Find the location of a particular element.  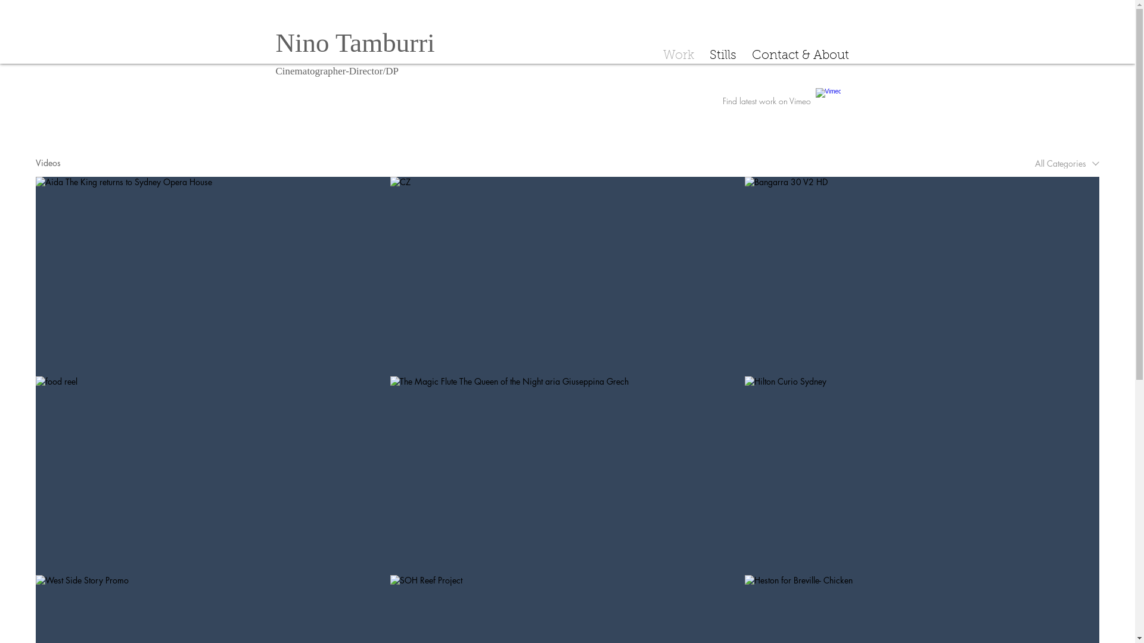

'Stills' is located at coordinates (701, 52).